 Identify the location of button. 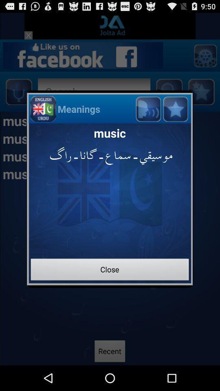
(175, 108).